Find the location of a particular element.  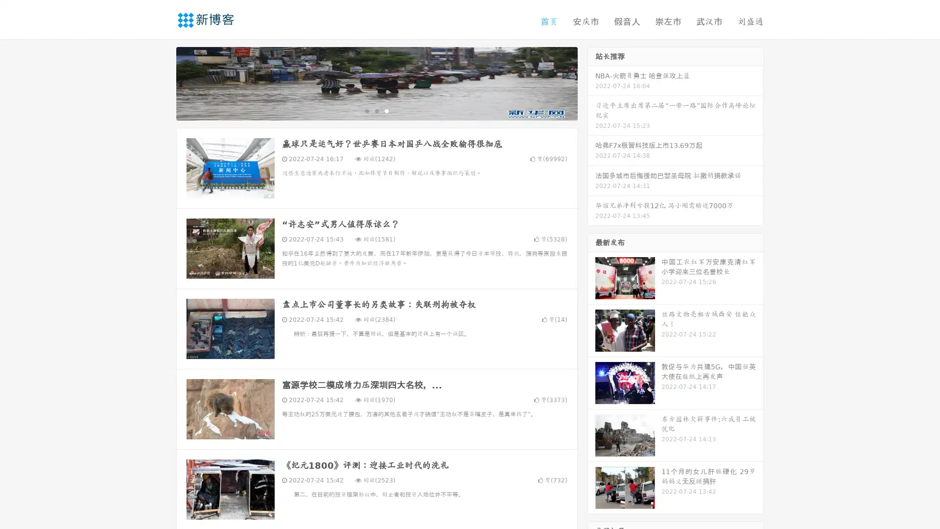

Go to slide 2 is located at coordinates (376, 110).